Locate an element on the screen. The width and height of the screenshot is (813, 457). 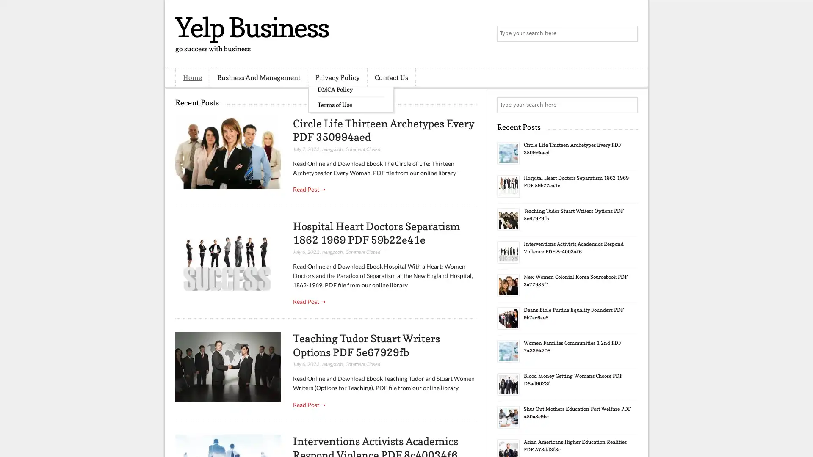
Search is located at coordinates (629, 105).